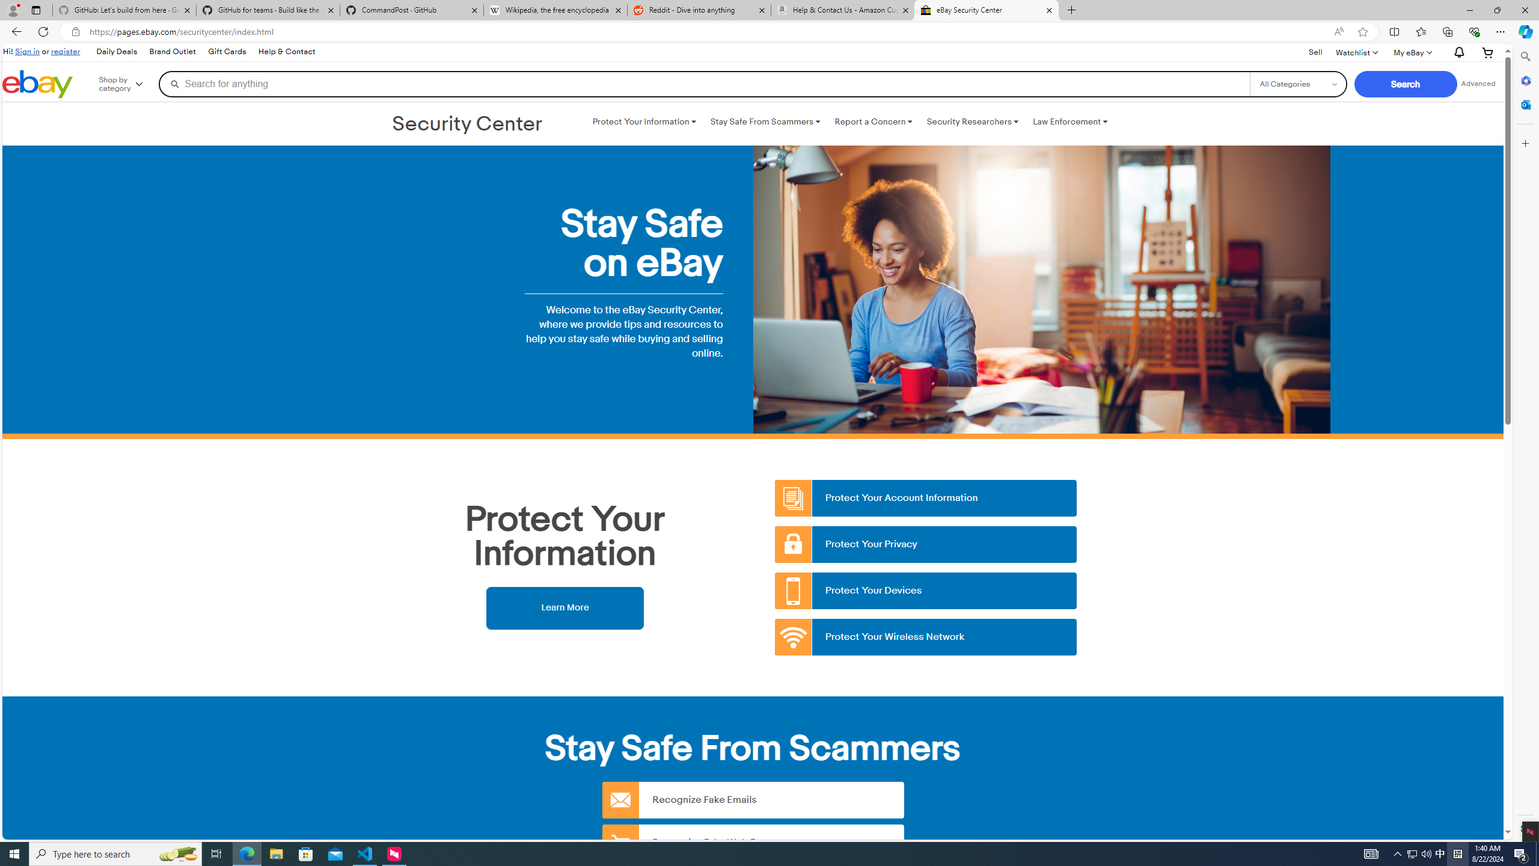  Describe the element at coordinates (1315, 51) in the screenshot. I see `'Sell'` at that location.